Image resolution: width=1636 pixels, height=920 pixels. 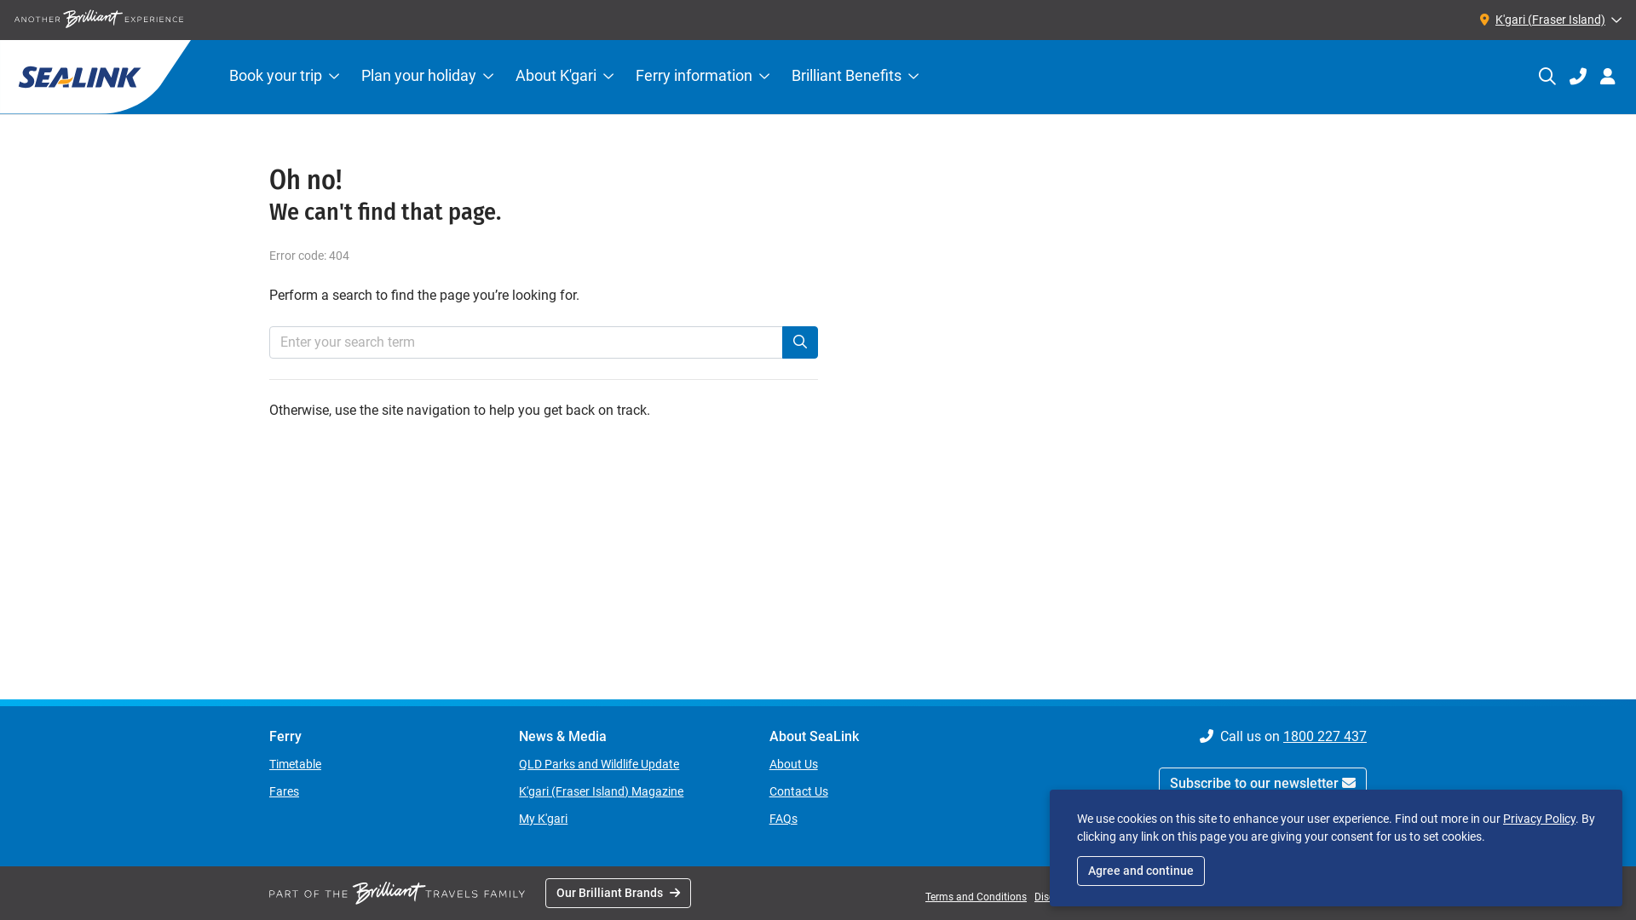 What do you see at coordinates (601, 791) in the screenshot?
I see `'K'gari (Fraser Island) Magazine'` at bounding box center [601, 791].